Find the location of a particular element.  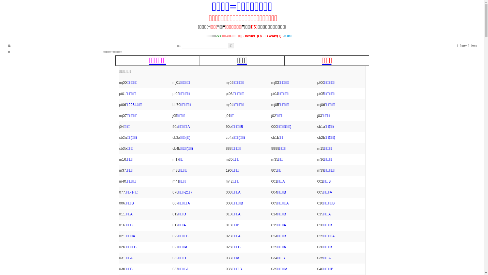

'011' is located at coordinates (121, 214).